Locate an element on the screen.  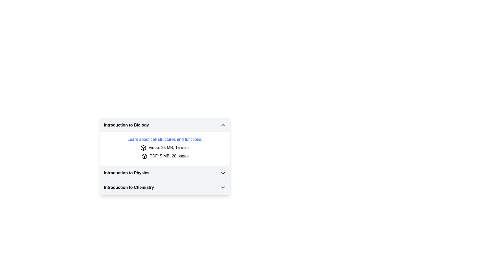
the icon button on the far right side of the 'Introduction to Physics' section is located at coordinates (223, 172).